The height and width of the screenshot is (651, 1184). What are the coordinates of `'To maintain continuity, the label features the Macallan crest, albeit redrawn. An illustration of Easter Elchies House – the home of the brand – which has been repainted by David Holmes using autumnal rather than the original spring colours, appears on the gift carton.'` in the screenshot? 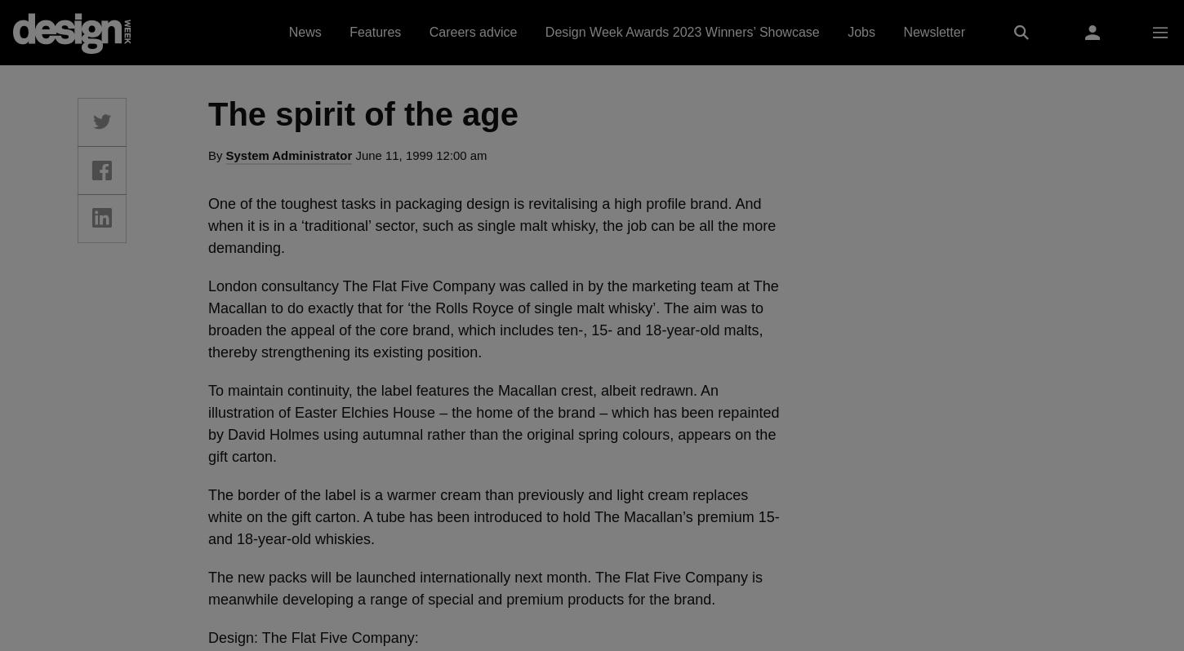 It's located at (493, 423).